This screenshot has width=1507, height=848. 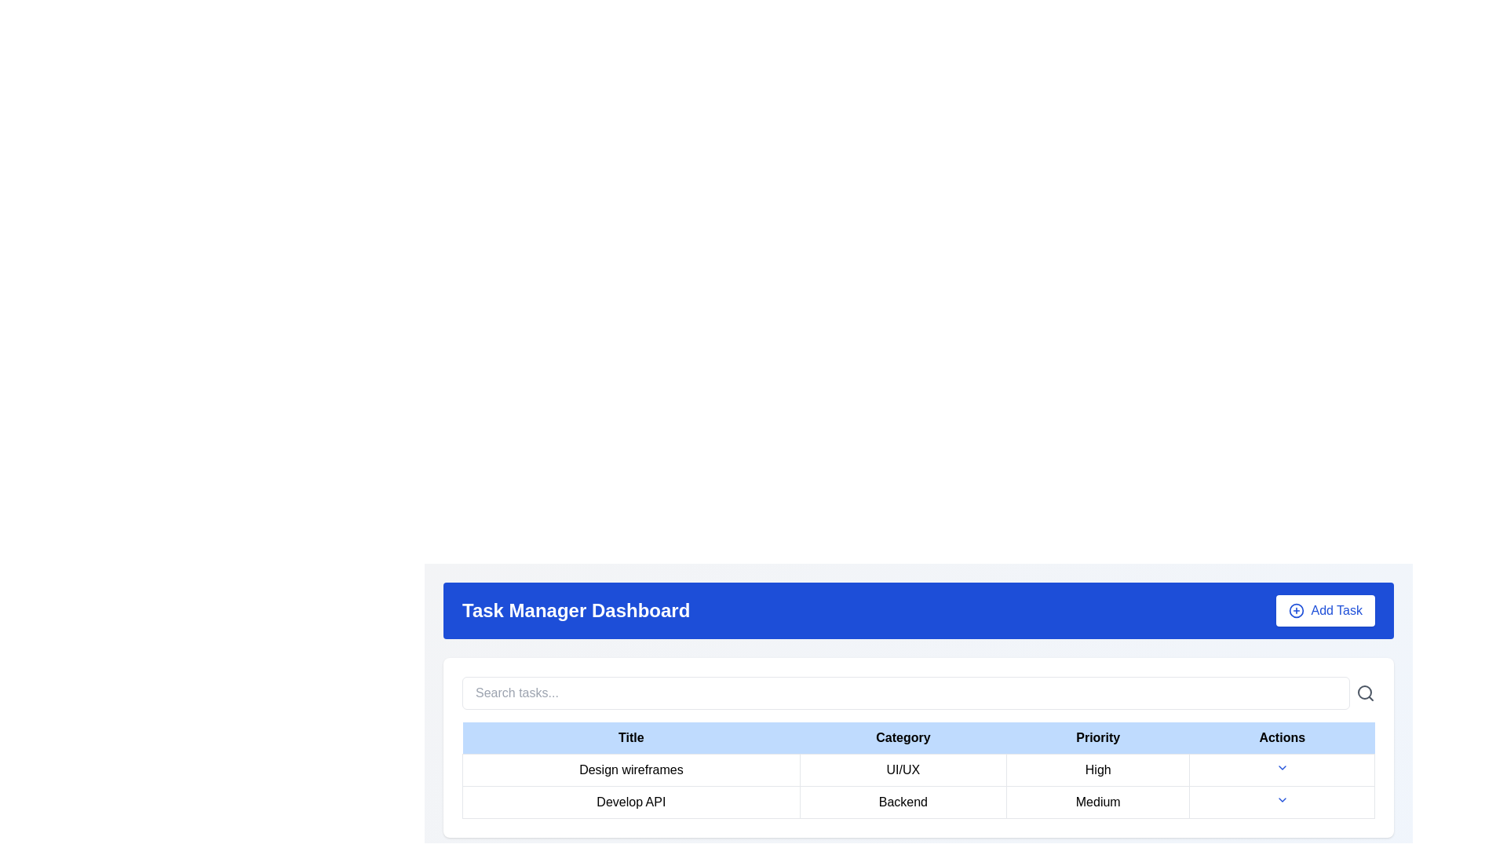 I want to click on the table header row located at the top of the table, which provides labels for the data columns below, so click(x=918, y=738).